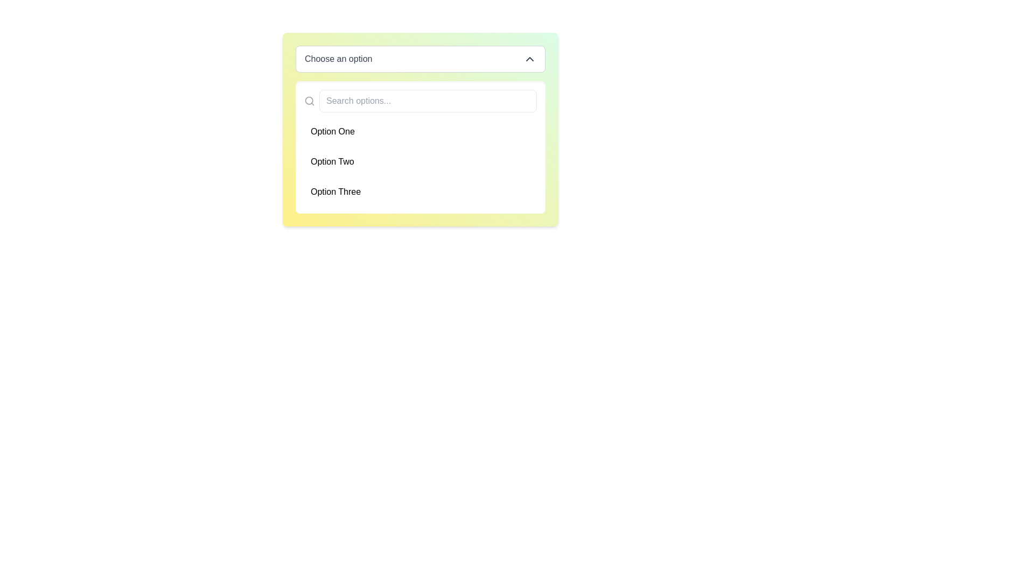  Describe the element at coordinates (335, 192) in the screenshot. I see `the text item displaying 'Option Three' in the dropdown menu` at that location.